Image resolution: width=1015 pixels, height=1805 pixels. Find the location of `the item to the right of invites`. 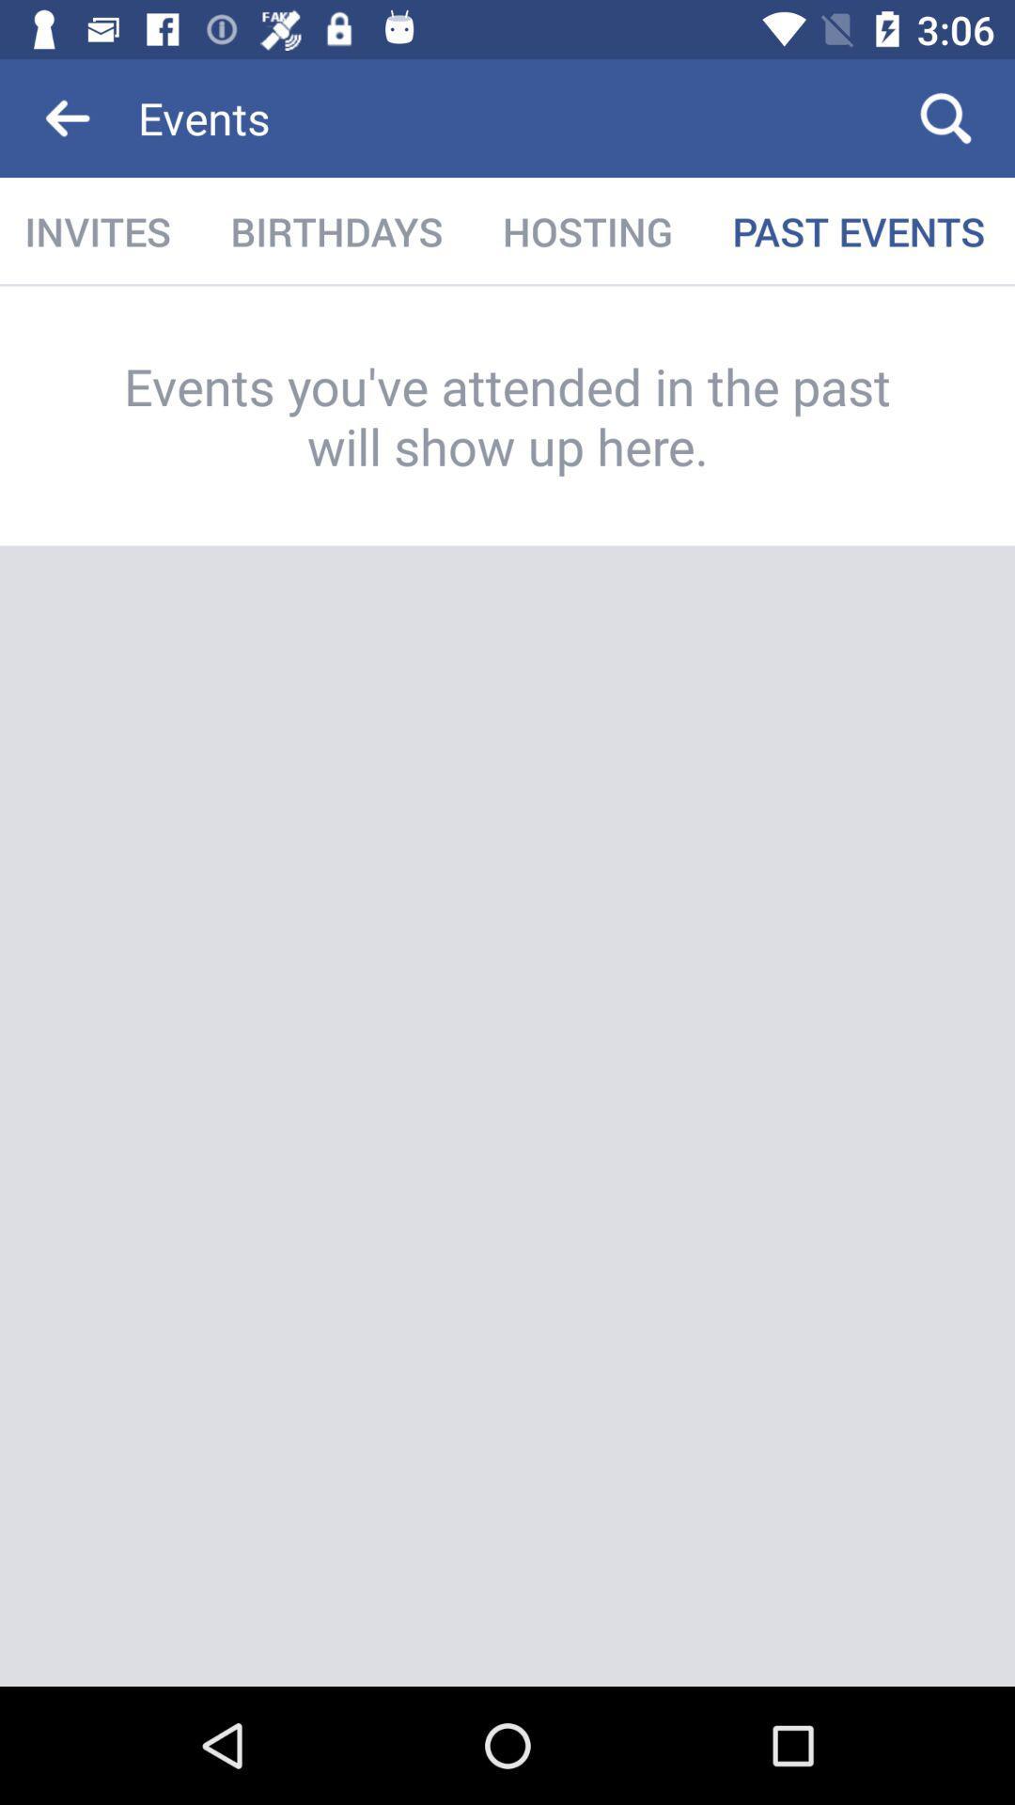

the item to the right of invites is located at coordinates (336, 230).